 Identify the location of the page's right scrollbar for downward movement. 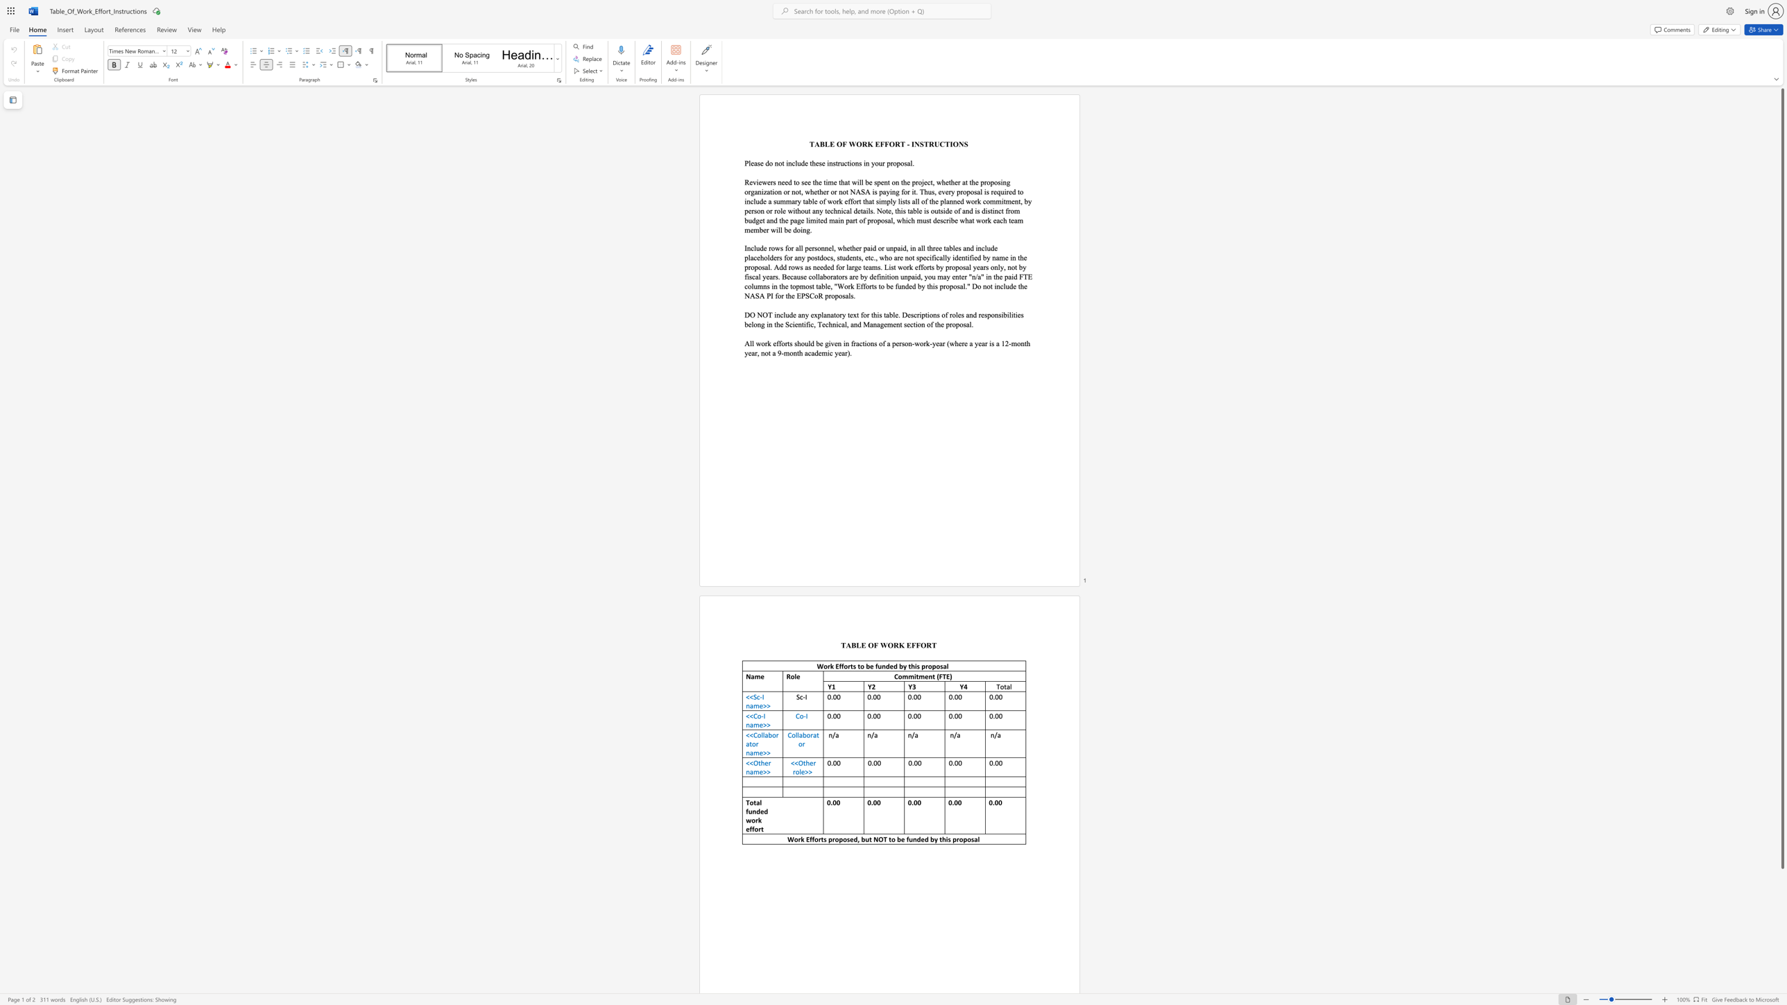
(1781, 888).